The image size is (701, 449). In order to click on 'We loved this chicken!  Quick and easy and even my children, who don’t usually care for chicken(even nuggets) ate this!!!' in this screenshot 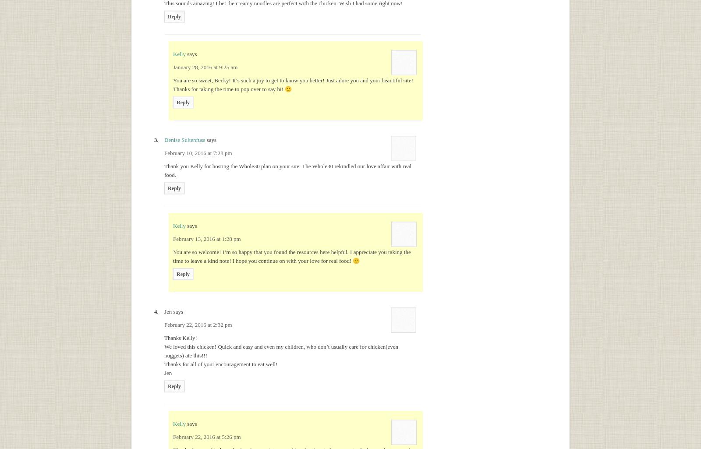, I will do `click(281, 350)`.